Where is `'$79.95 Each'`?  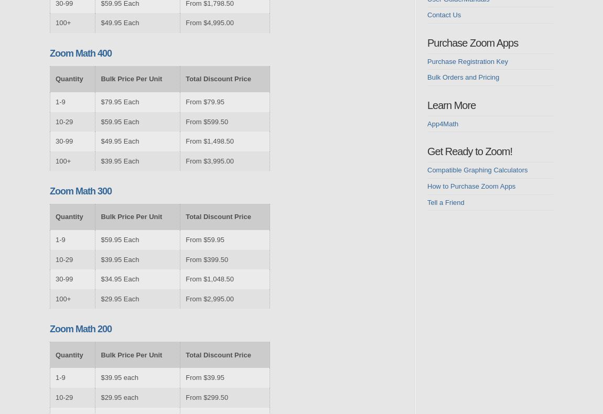
'$79.95 Each' is located at coordinates (119, 101).